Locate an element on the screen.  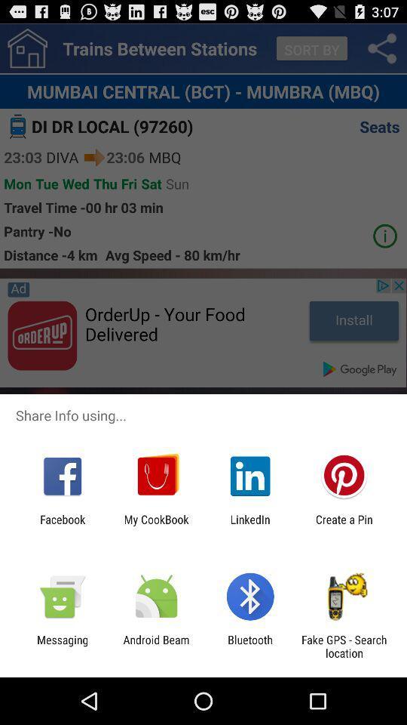
create a pin is located at coordinates (344, 526).